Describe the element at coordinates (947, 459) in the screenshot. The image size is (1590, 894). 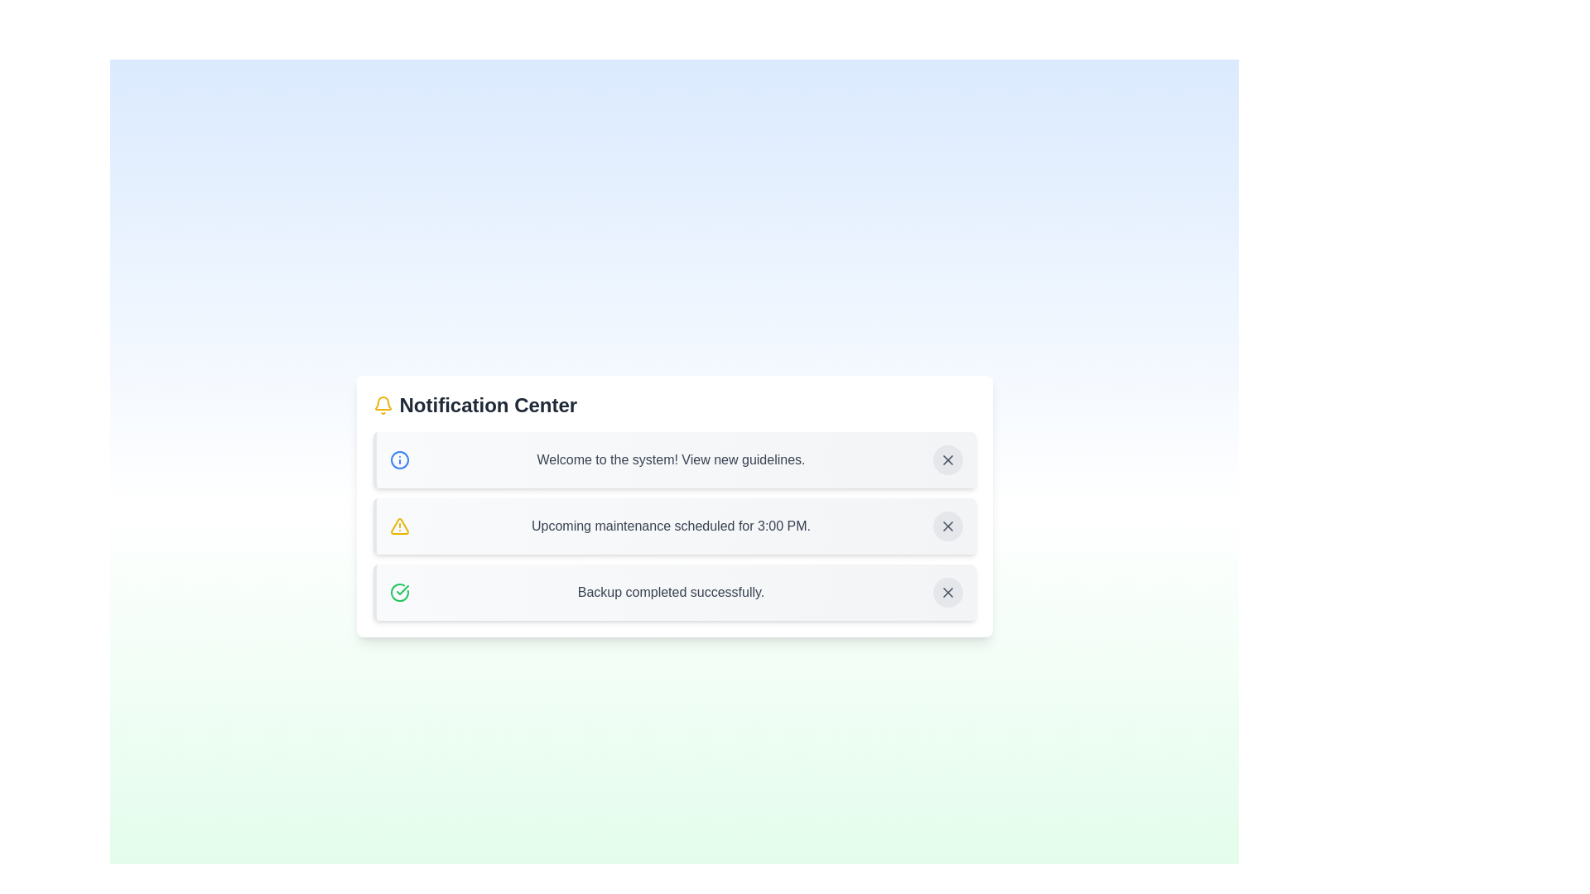
I see `the close icon button located in the top-right corner of the notification box` at that location.